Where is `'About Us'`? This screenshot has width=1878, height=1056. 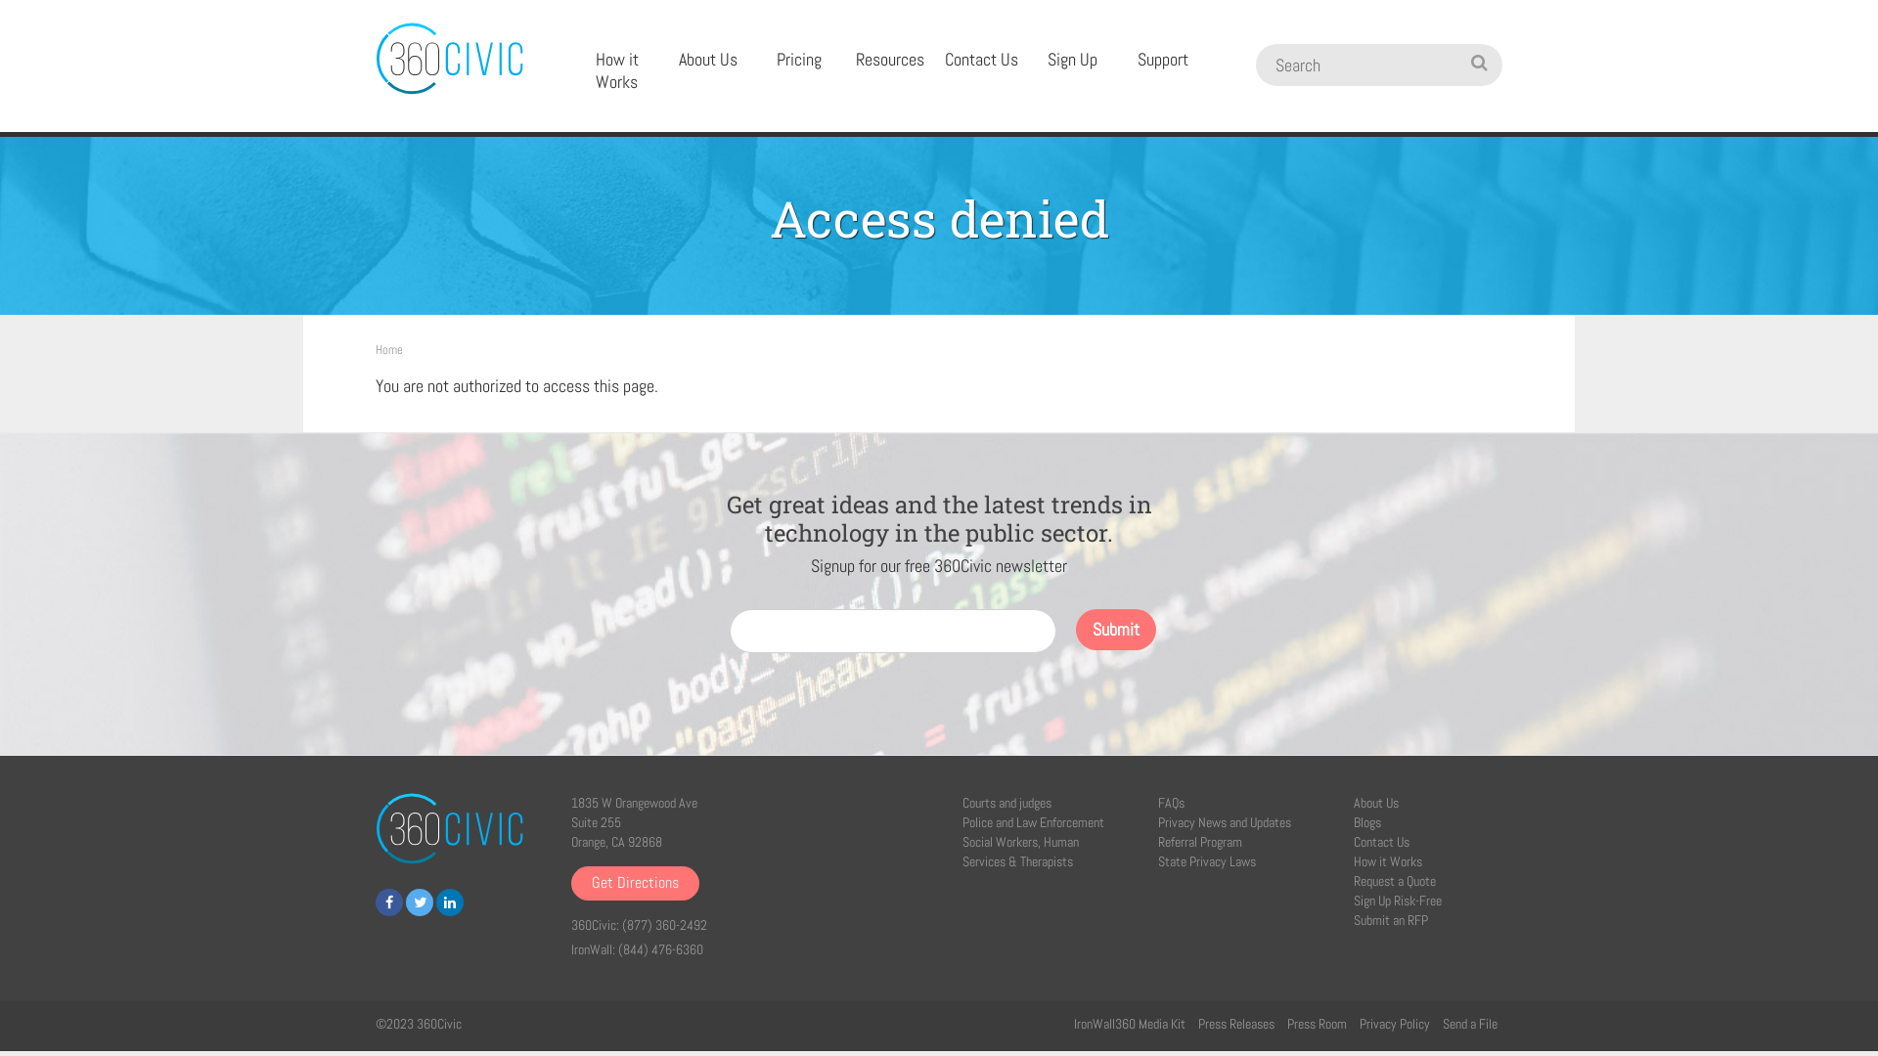
'About Us' is located at coordinates (706, 59).